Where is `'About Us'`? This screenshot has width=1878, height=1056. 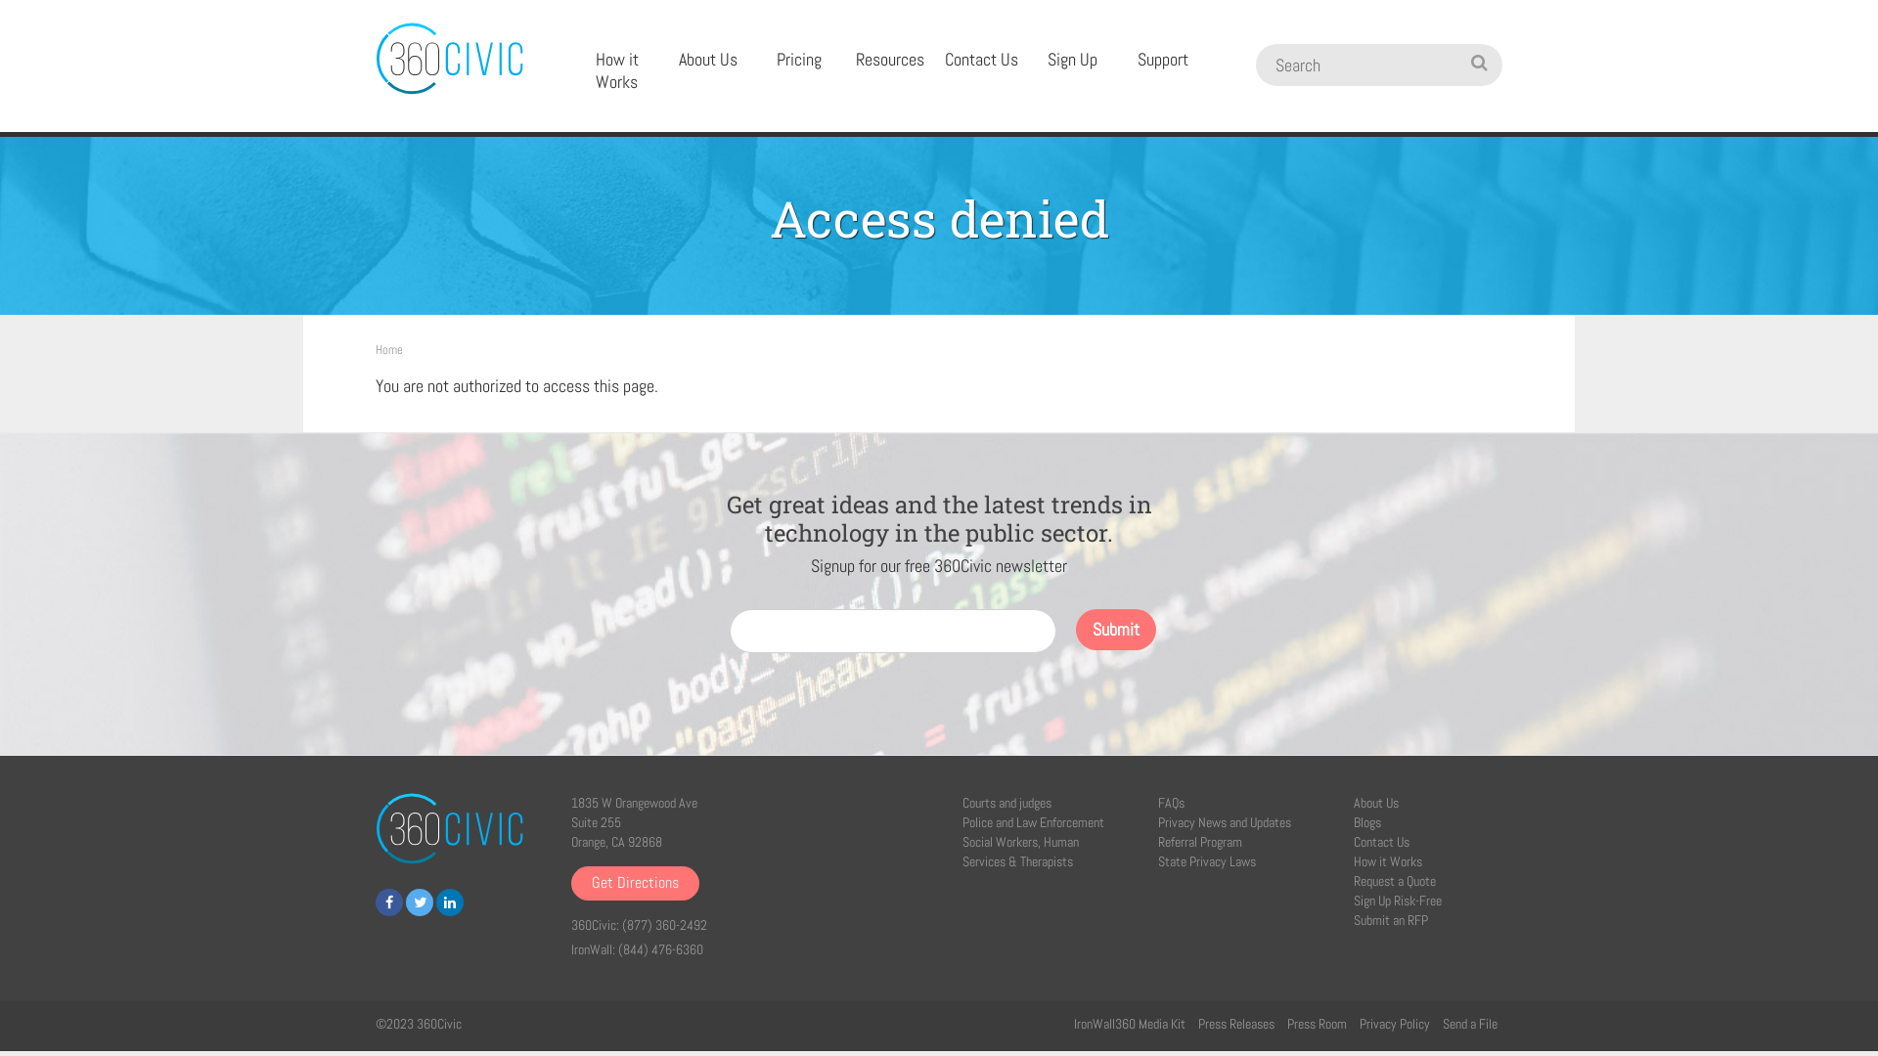
'About Us' is located at coordinates (706, 59).